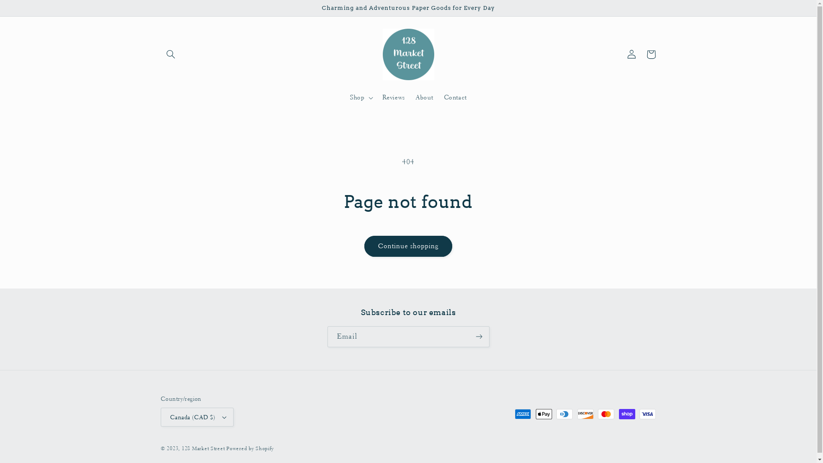 The height and width of the screenshot is (463, 823). I want to click on 'Cart', so click(641, 54).